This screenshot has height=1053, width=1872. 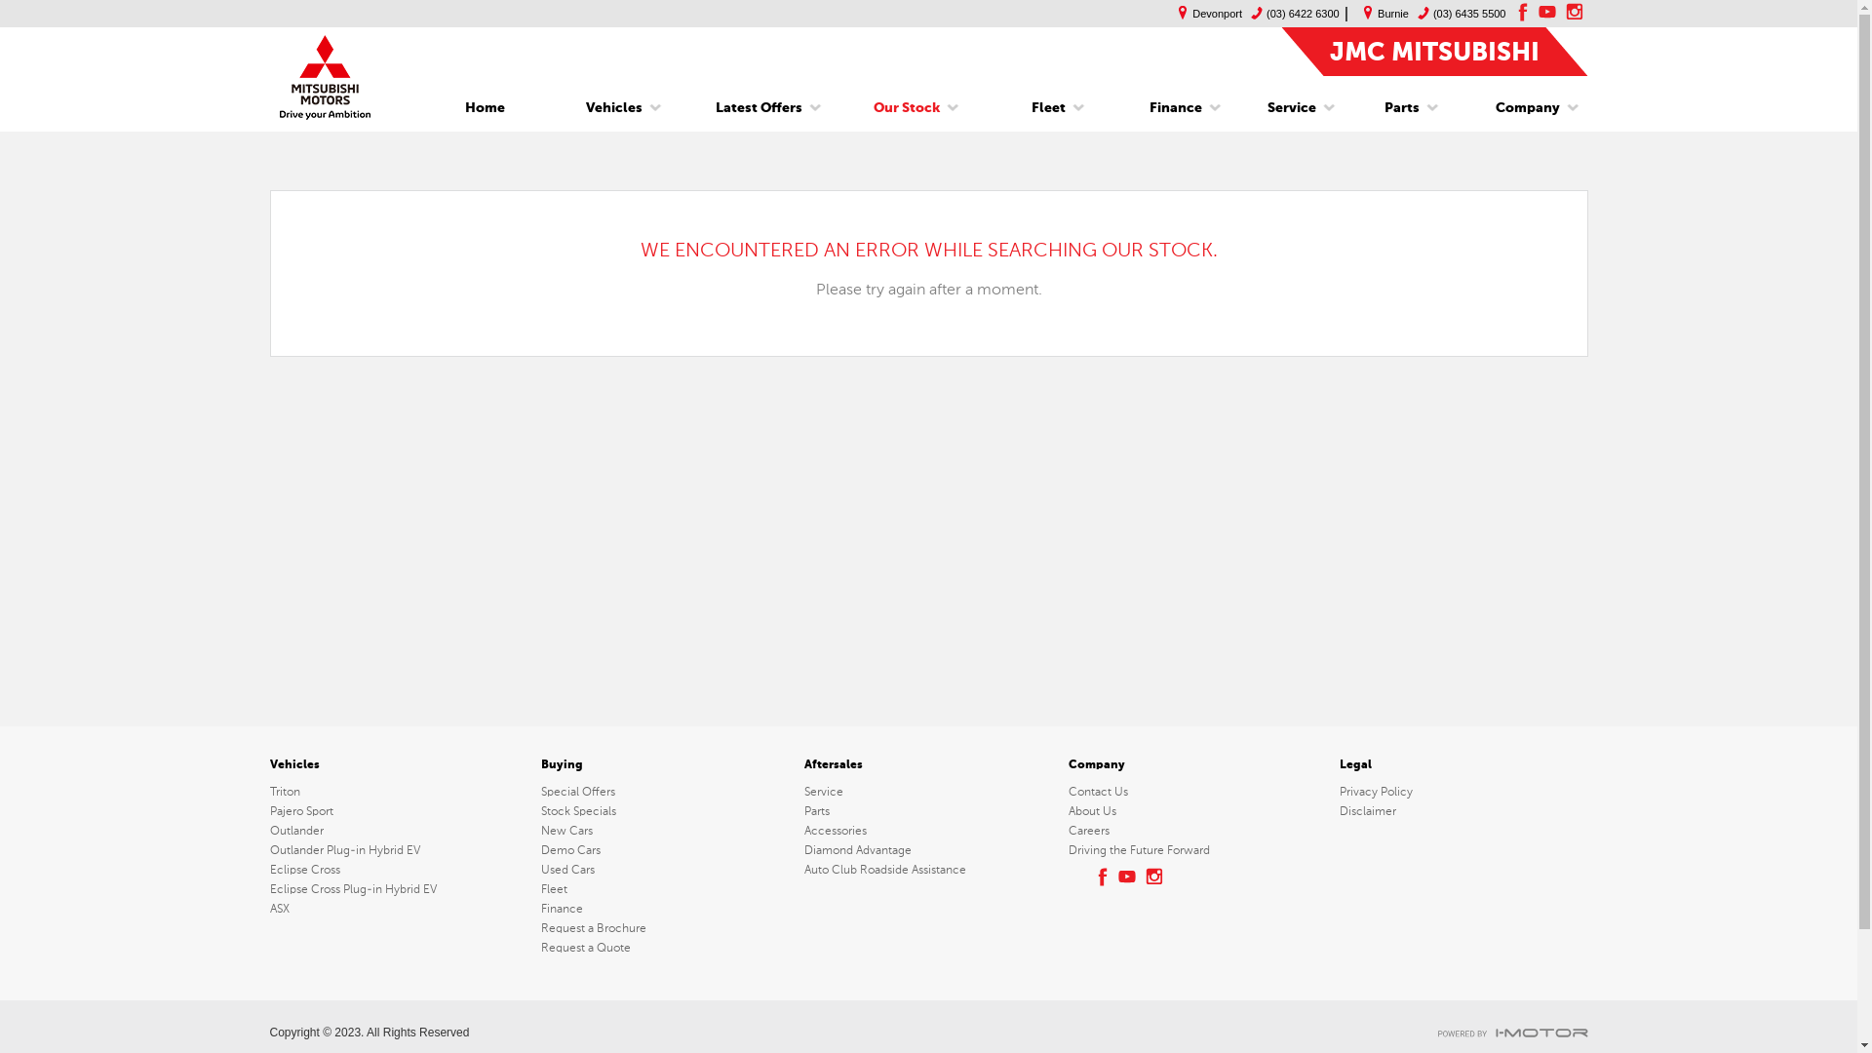 What do you see at coordinates (1067, 831) in the screenshot?
I see `'Careers'` at bounding box center [1067, 831].